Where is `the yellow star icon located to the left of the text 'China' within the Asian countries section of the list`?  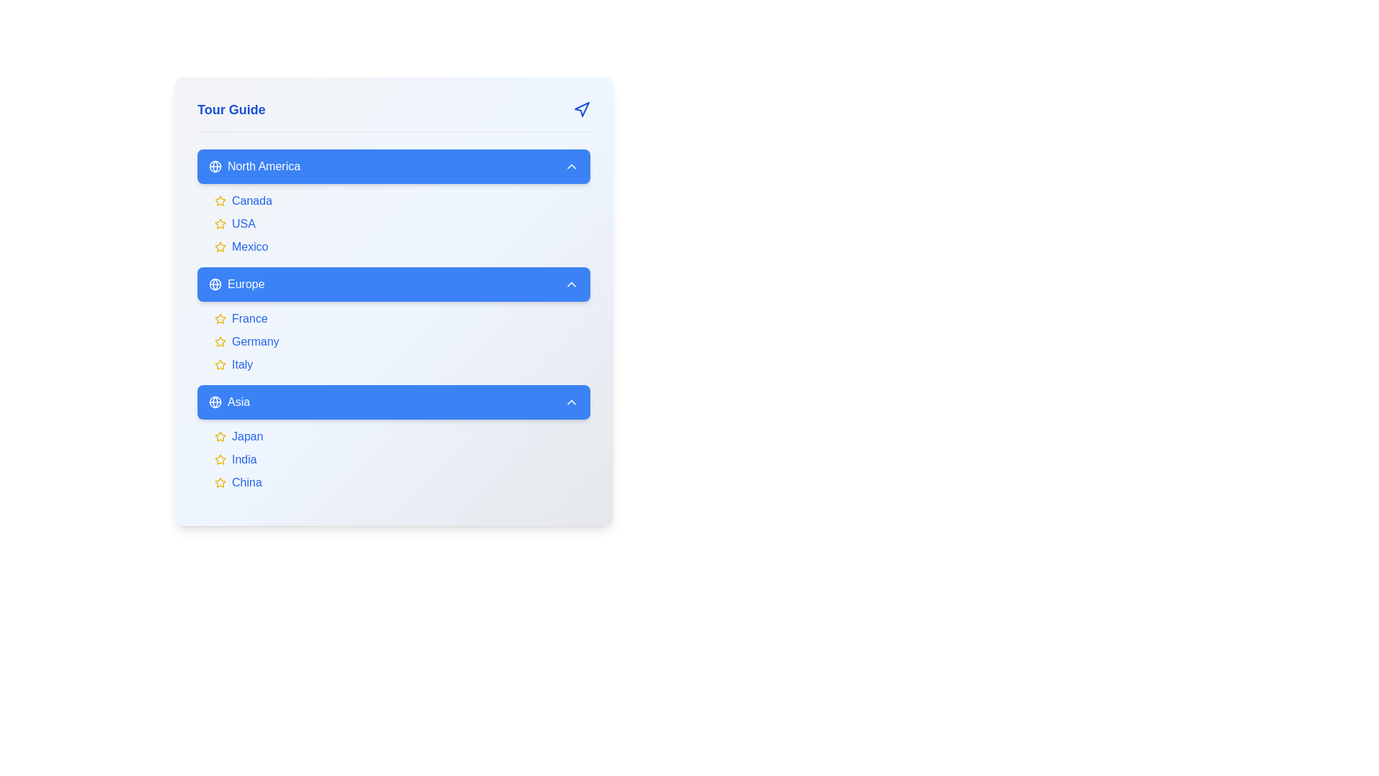
the yellow star icon located to the left of the text 'China' within the Asian countries section of the list is located at coordinates (220, 482).